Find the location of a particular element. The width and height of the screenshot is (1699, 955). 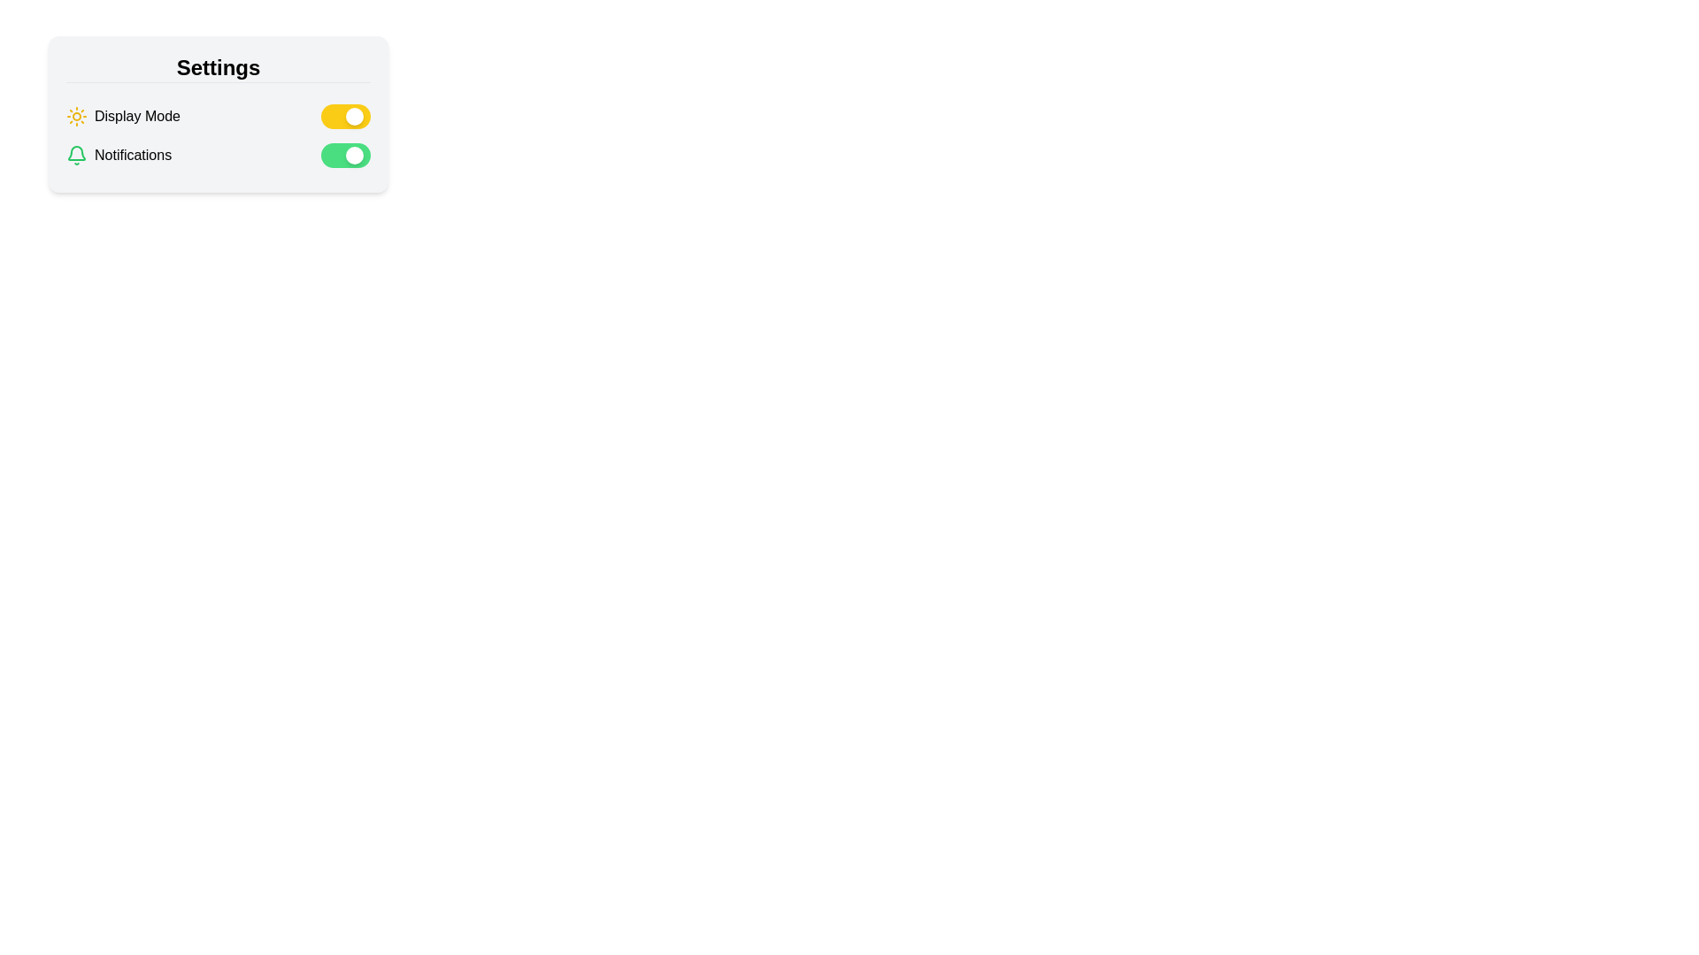

the 'Display Mode' text label located in the settings panel, which is aligned to the left next to a yellow sun icon is located at coordinates (136, 116).